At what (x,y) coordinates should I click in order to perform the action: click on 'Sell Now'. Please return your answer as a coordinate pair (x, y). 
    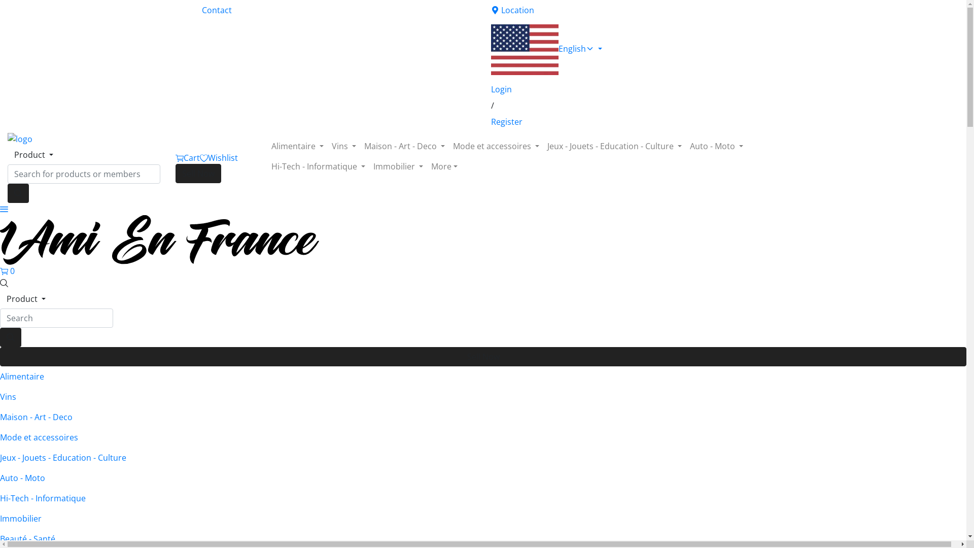
    Looking at the image, I should click on (198, 173).